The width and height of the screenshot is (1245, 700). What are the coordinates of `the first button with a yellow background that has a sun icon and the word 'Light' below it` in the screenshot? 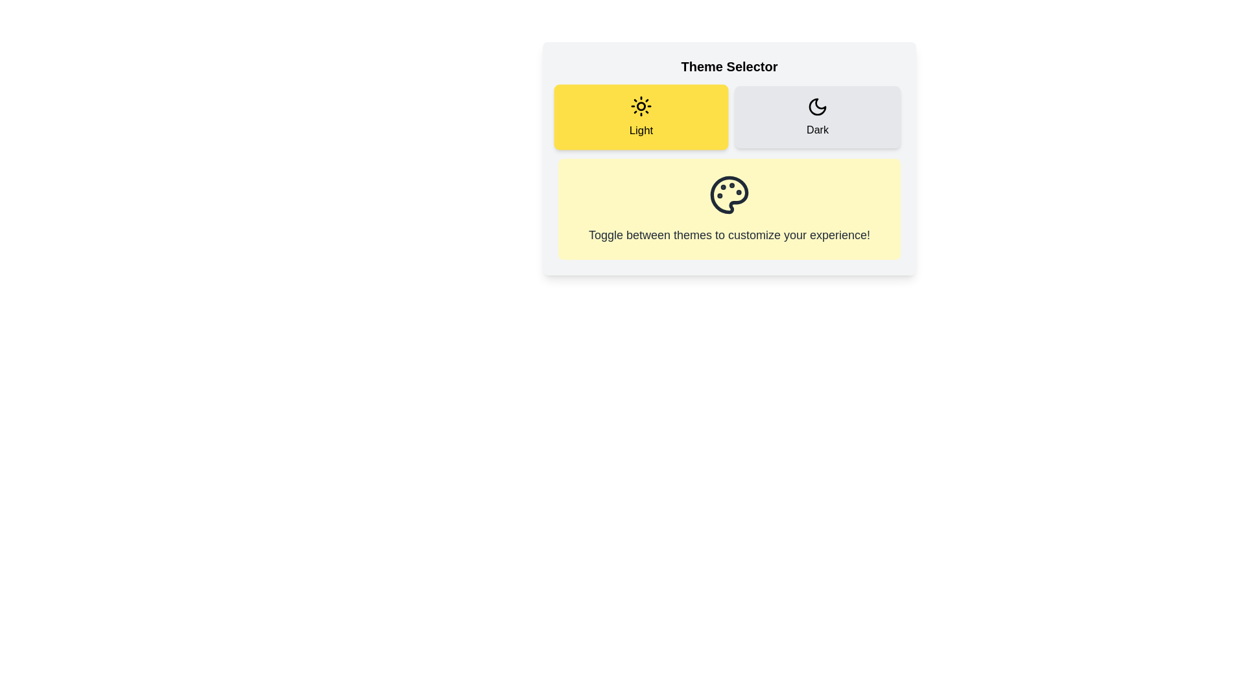 It's located at (641, 117).